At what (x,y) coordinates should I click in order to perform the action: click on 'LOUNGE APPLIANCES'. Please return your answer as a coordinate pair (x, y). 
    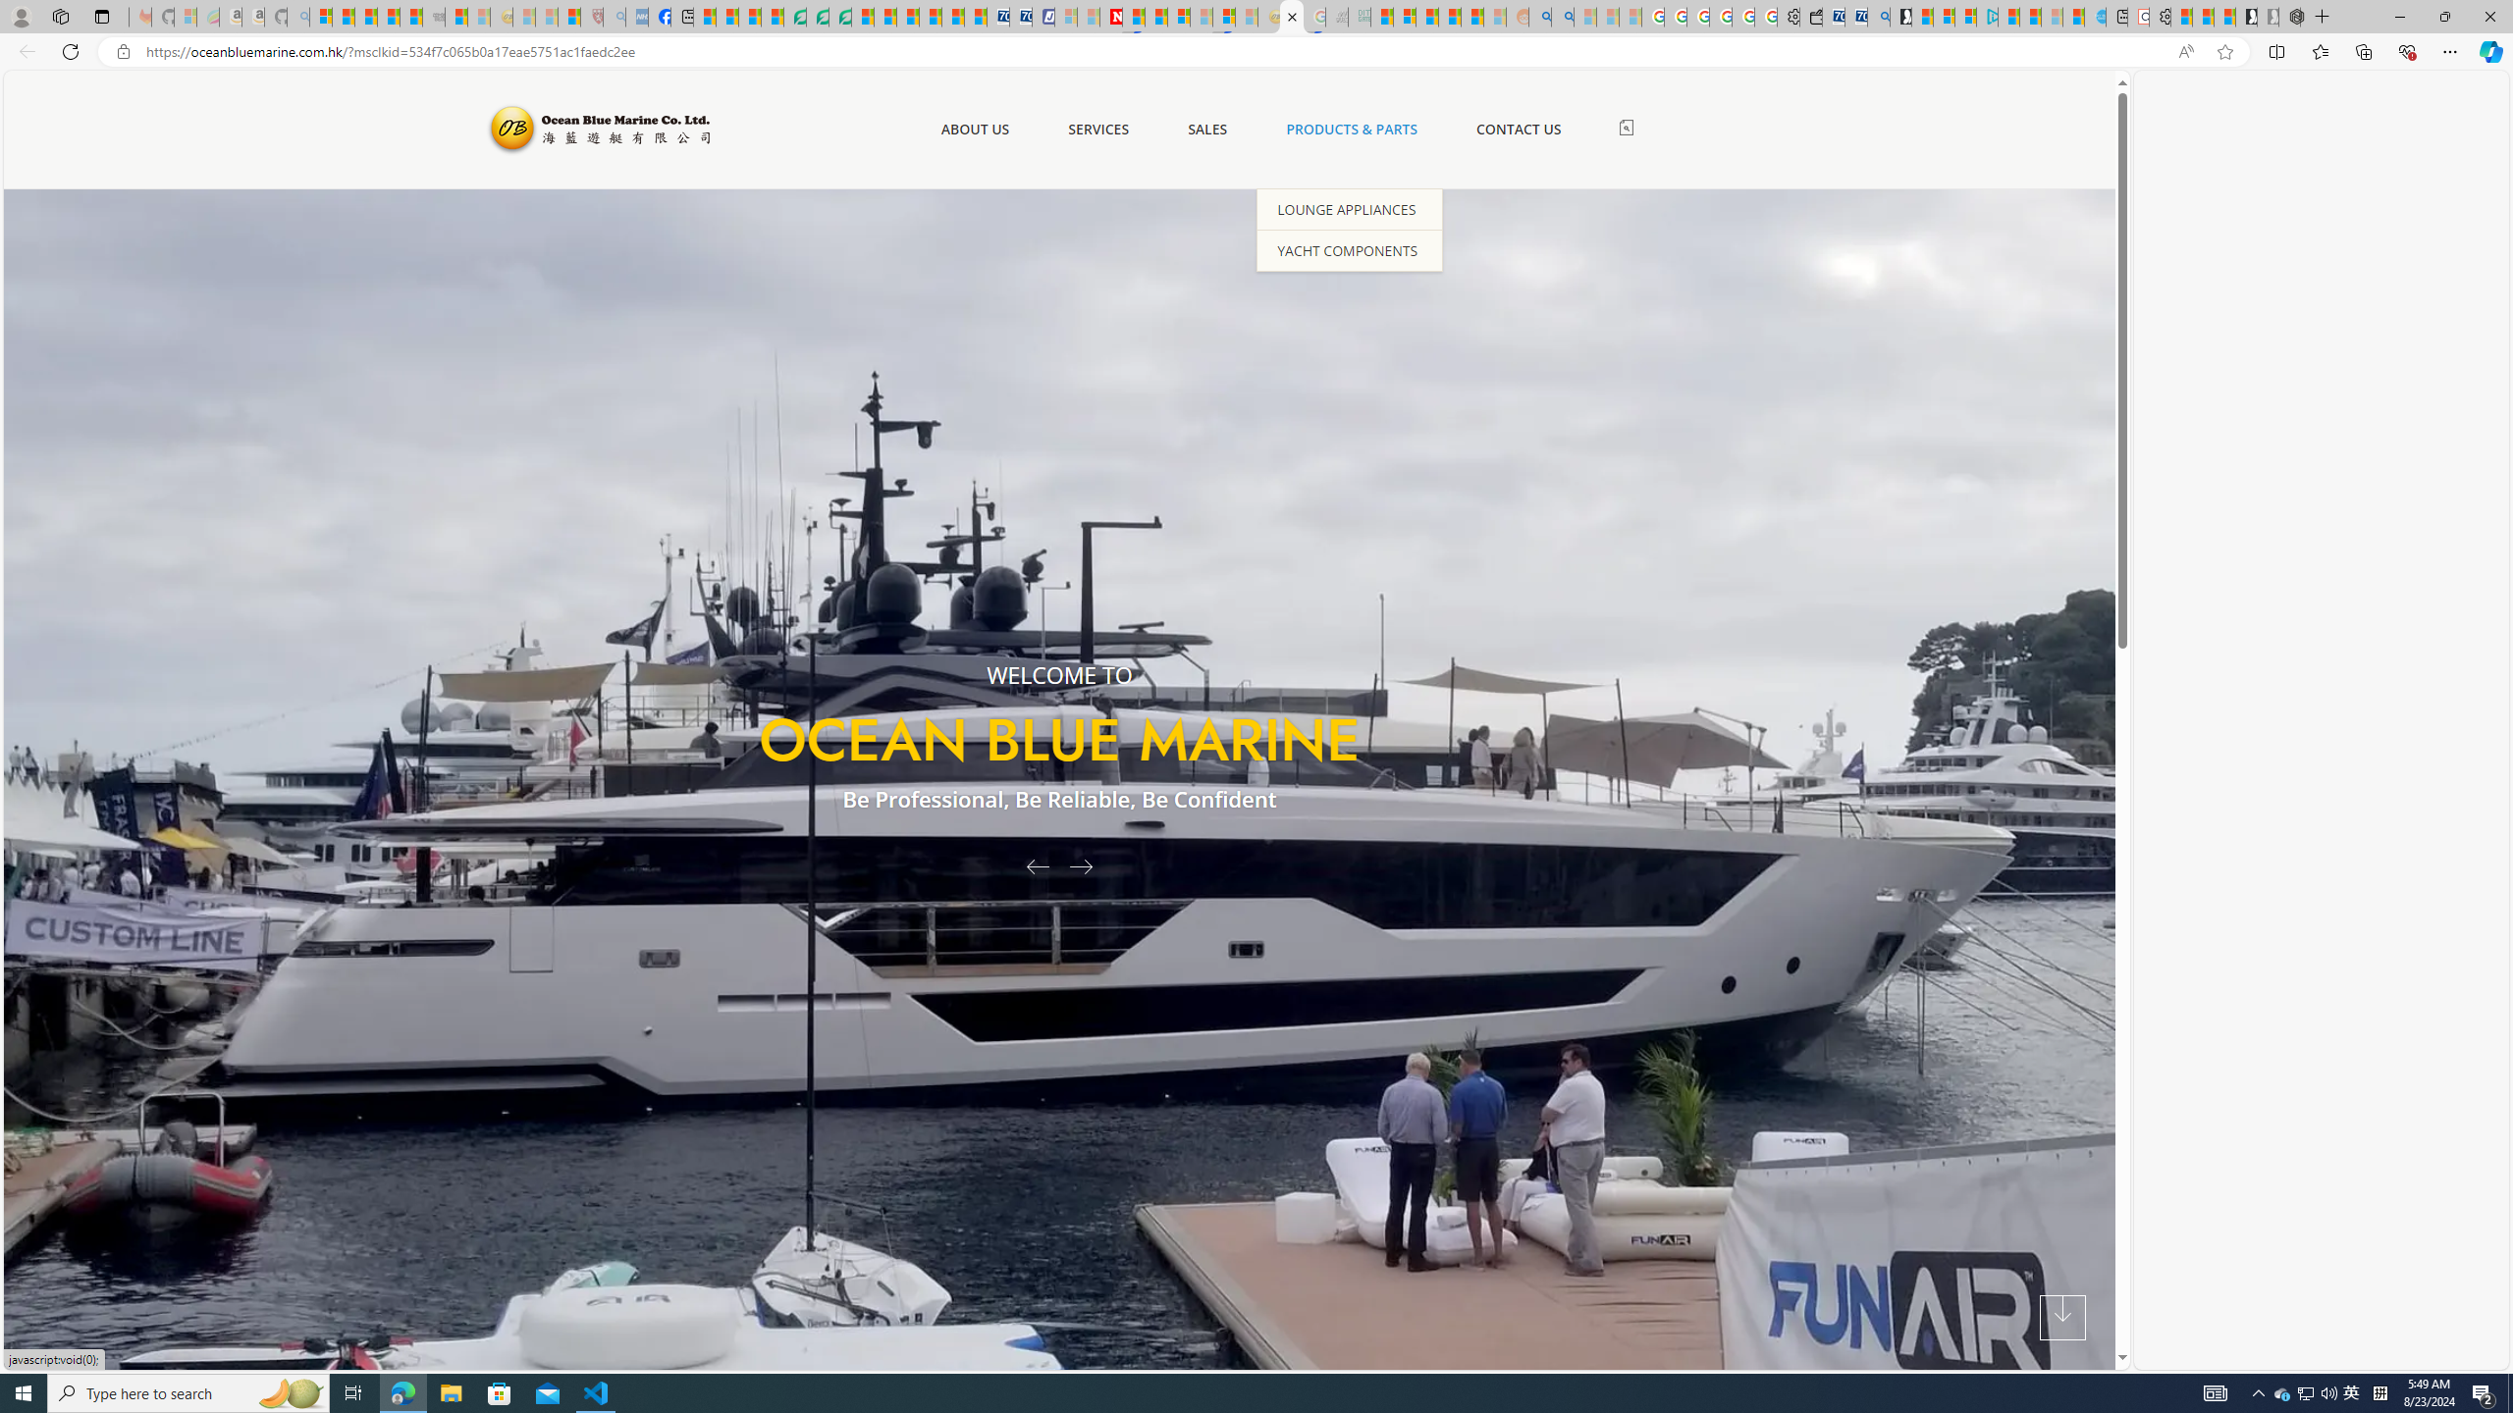
    Looking at the image, I should click on (1348, 207).